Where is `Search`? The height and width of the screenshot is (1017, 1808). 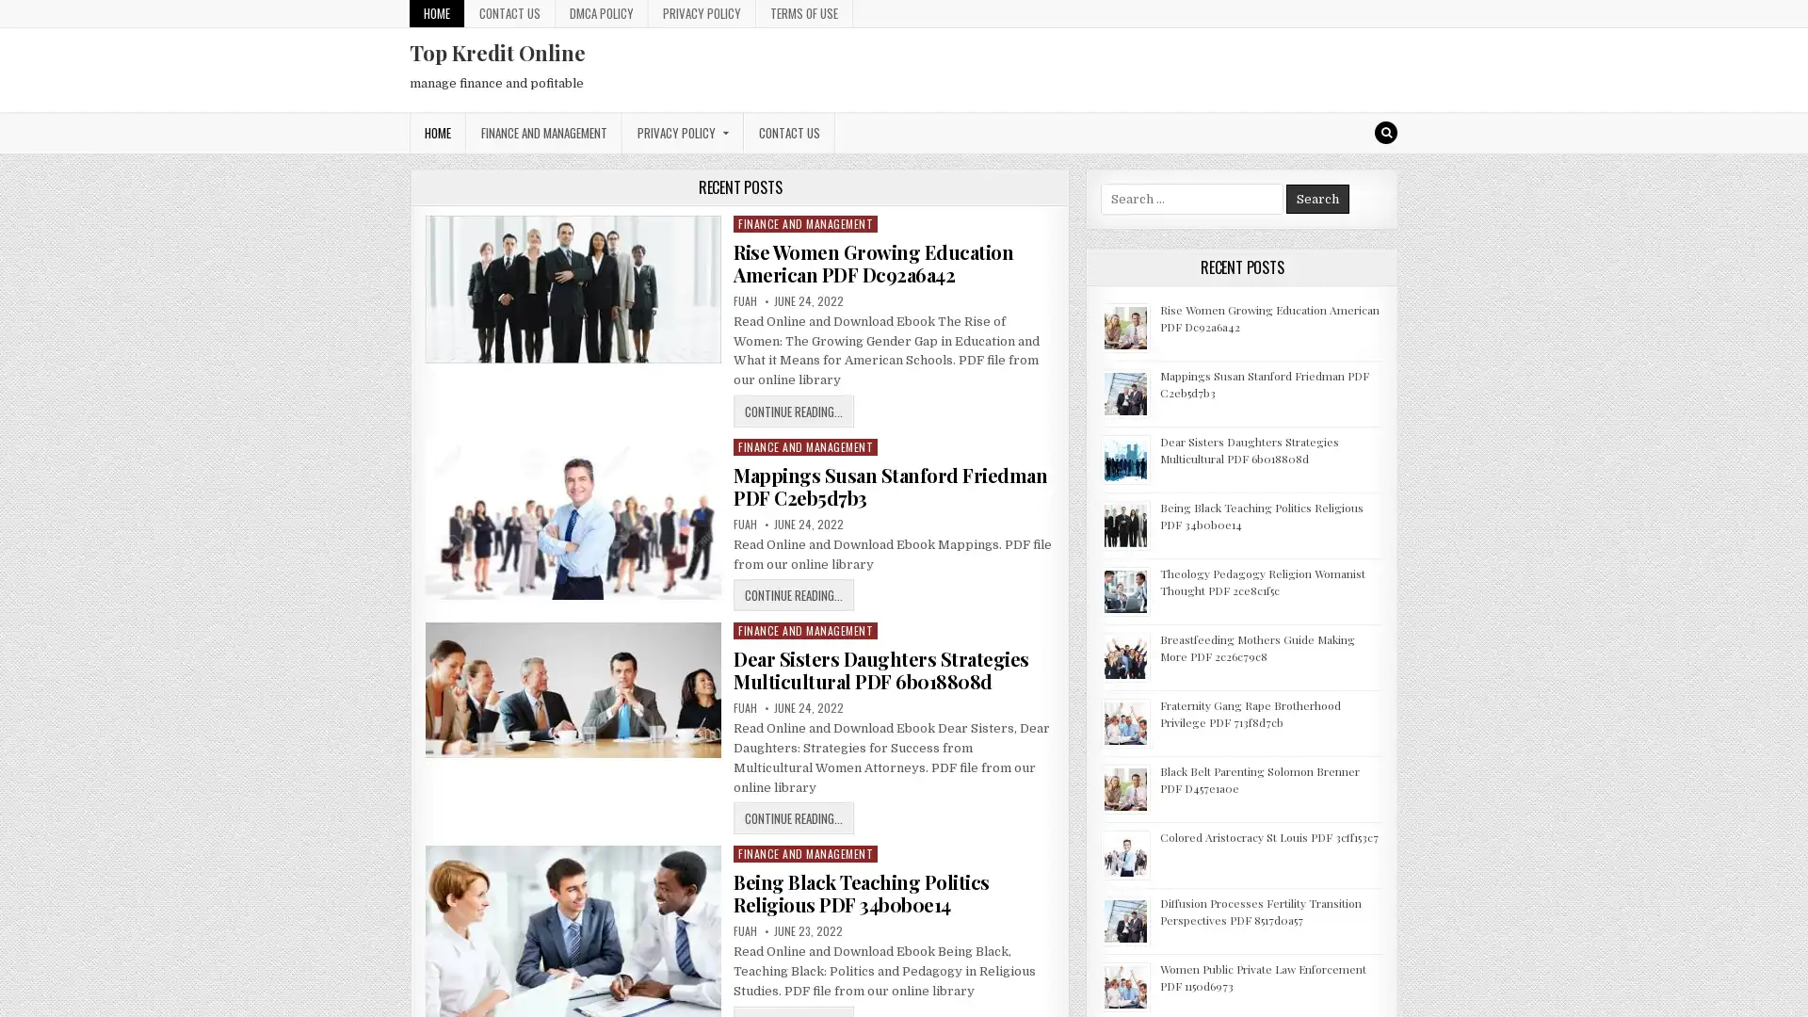
Search is located at coordinates (1316, 199).